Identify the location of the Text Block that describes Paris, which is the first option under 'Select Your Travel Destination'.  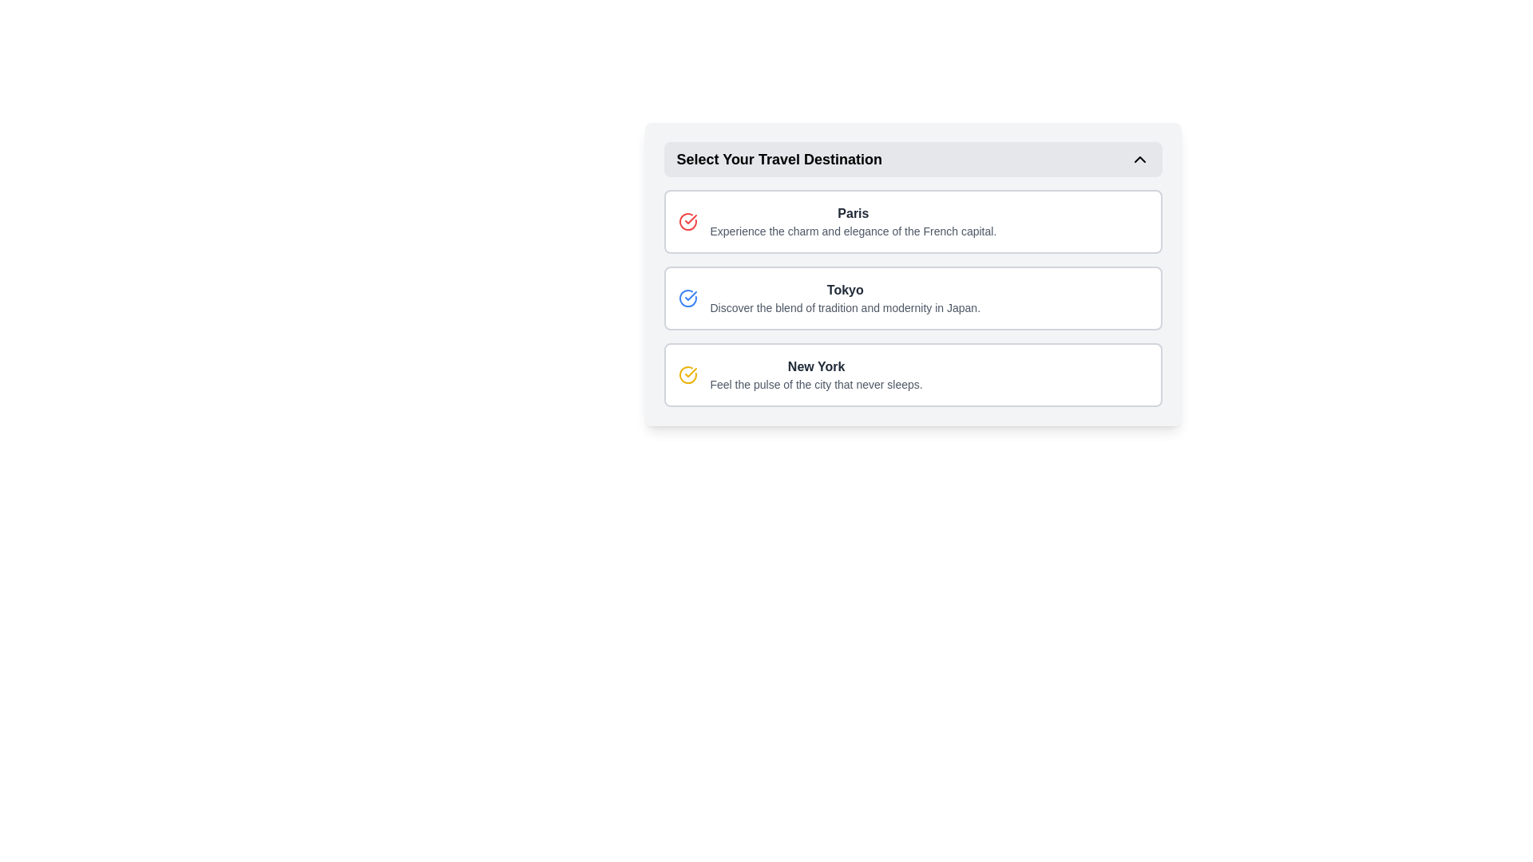
(852, 221).